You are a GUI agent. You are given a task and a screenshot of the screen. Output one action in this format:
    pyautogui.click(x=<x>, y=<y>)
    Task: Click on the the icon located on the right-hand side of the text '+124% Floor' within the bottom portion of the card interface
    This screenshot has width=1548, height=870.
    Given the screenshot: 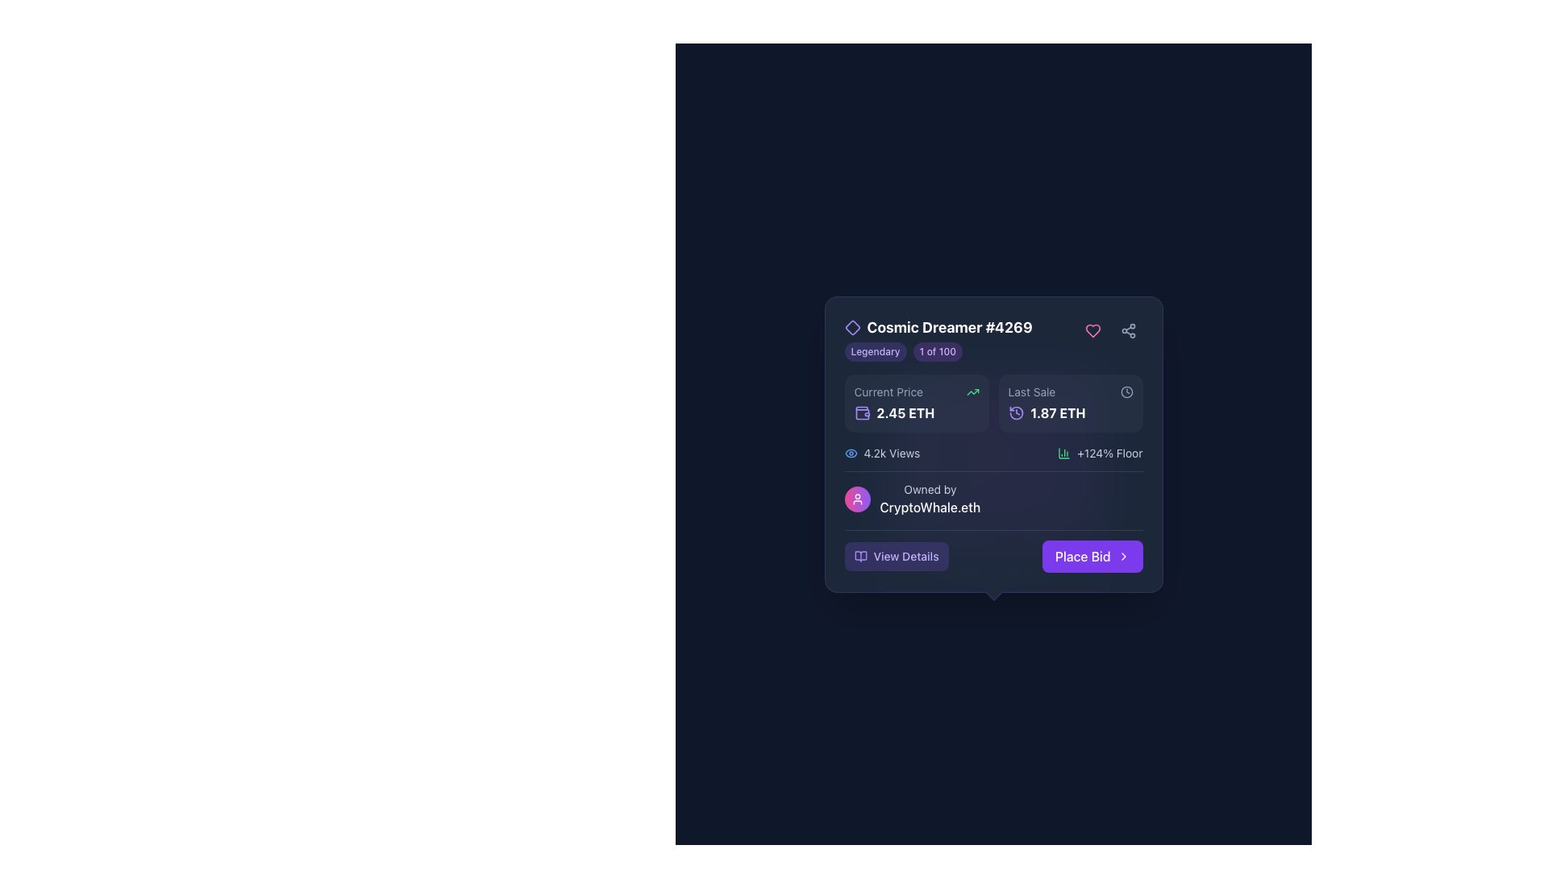 What is the action you would take?
    pyautogui.click(x=1064, y=454)
    